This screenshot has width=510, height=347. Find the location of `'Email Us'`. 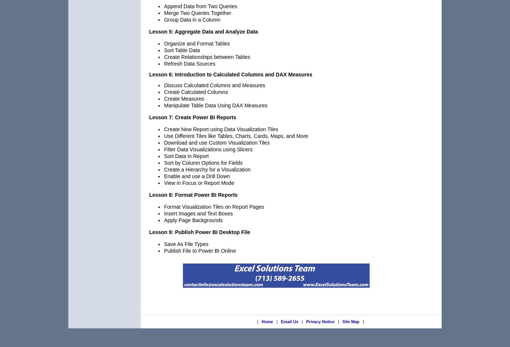

'Email Us' is located at coordinates (280, 321).